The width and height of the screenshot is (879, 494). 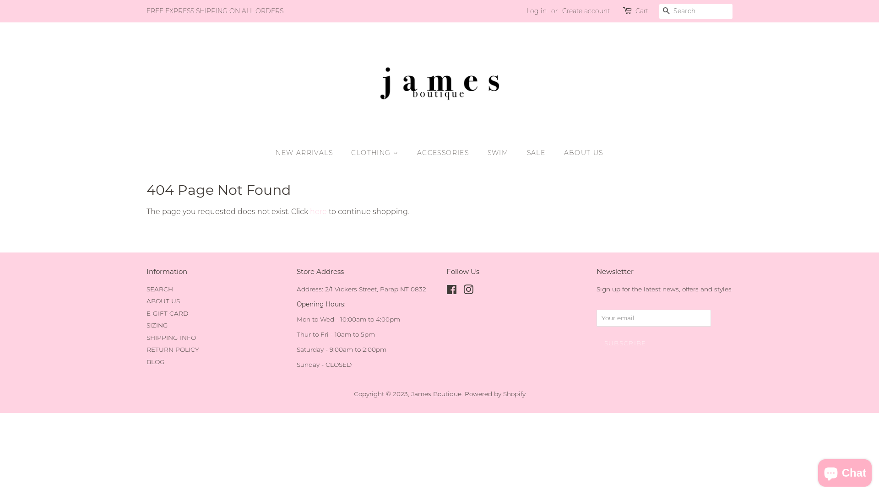 I want to click on 'Powered by Shopify', so click(x=494, y=393).